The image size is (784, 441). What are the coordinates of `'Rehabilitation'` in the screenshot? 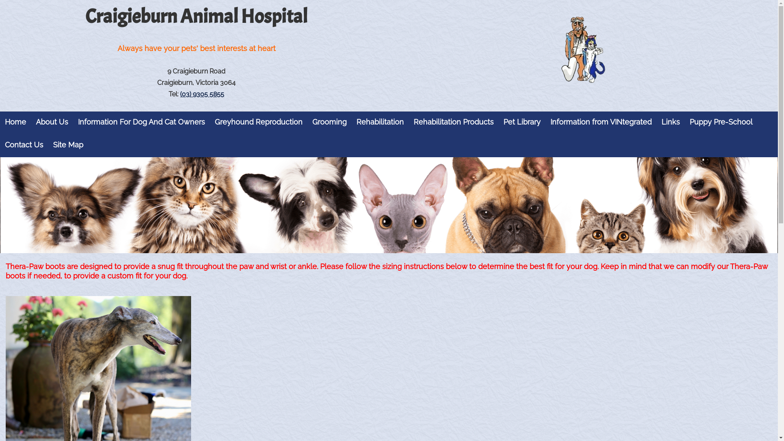 It's located at (380, 122).